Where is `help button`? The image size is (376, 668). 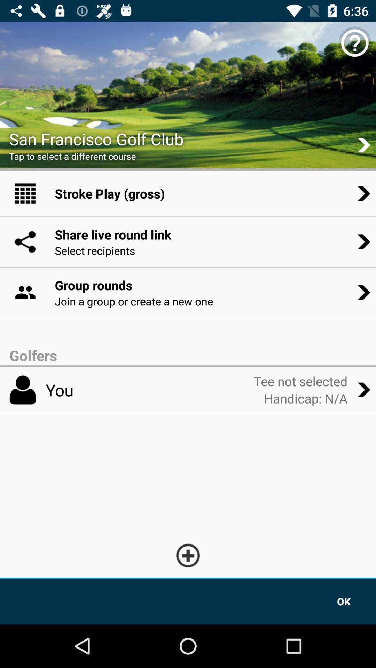 help button is located at coordinates (355, 42).